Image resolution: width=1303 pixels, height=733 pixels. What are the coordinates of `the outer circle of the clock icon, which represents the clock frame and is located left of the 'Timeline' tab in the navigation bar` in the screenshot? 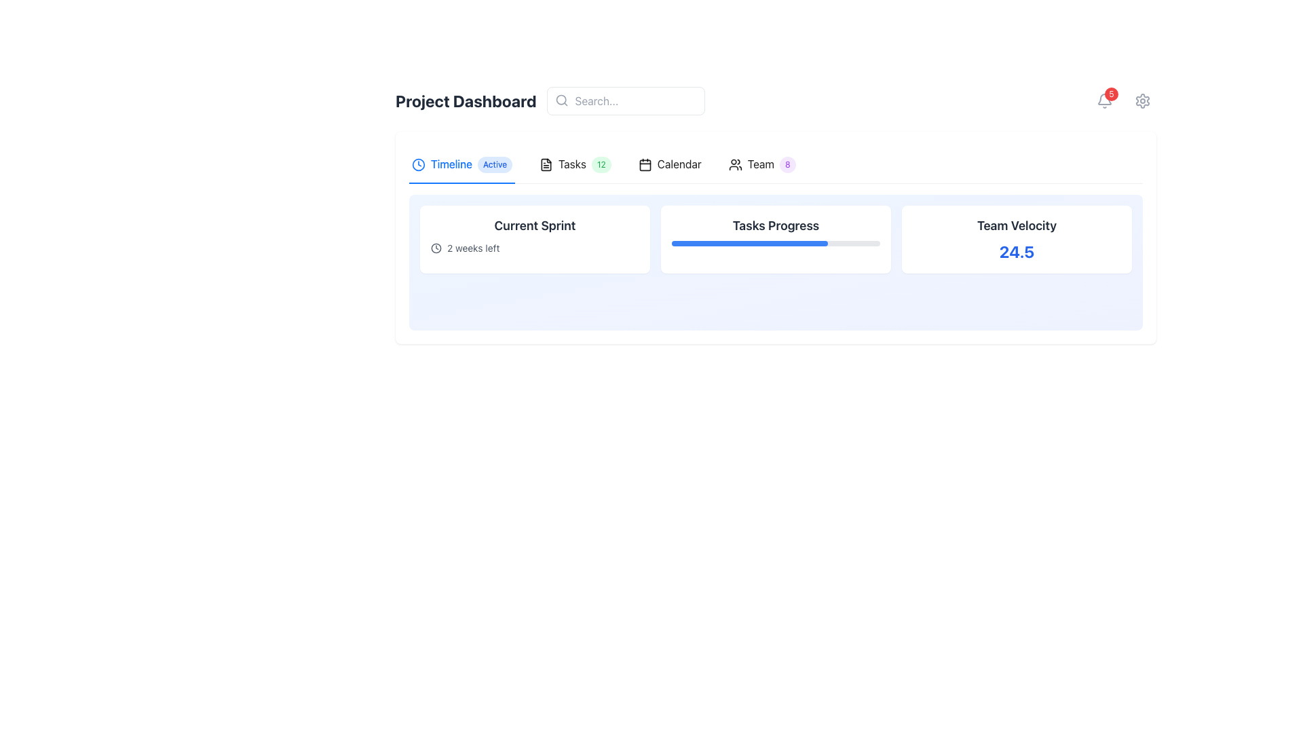 It's located at (418, 164).